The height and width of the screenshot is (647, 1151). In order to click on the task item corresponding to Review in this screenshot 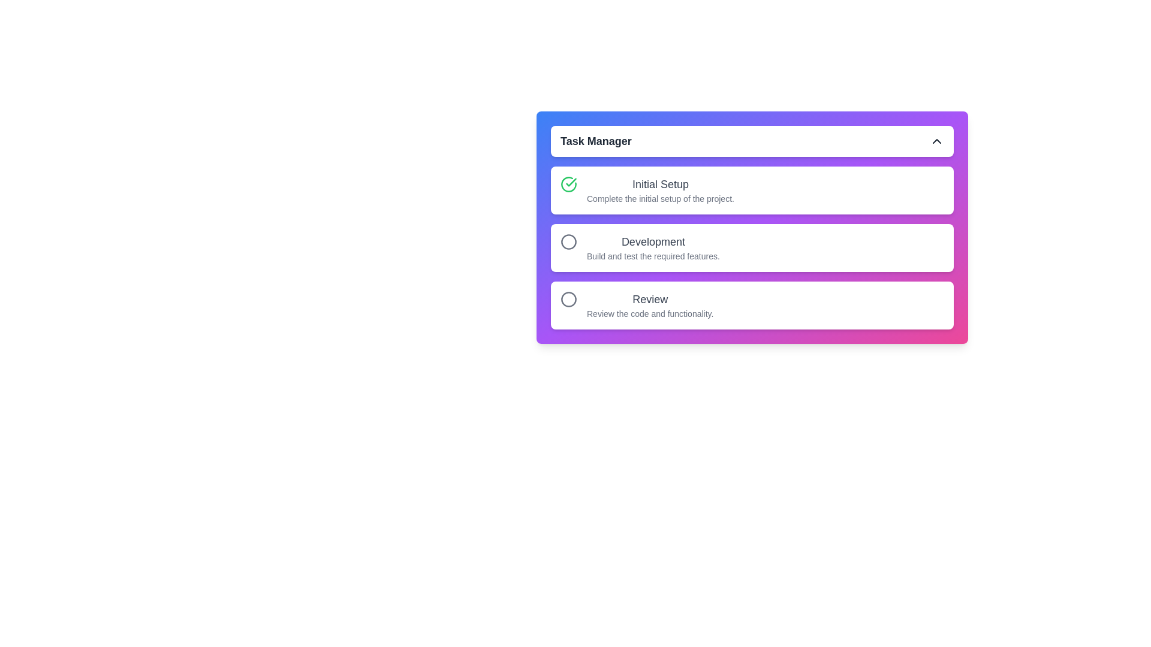, I will do `click(751, 304)`.